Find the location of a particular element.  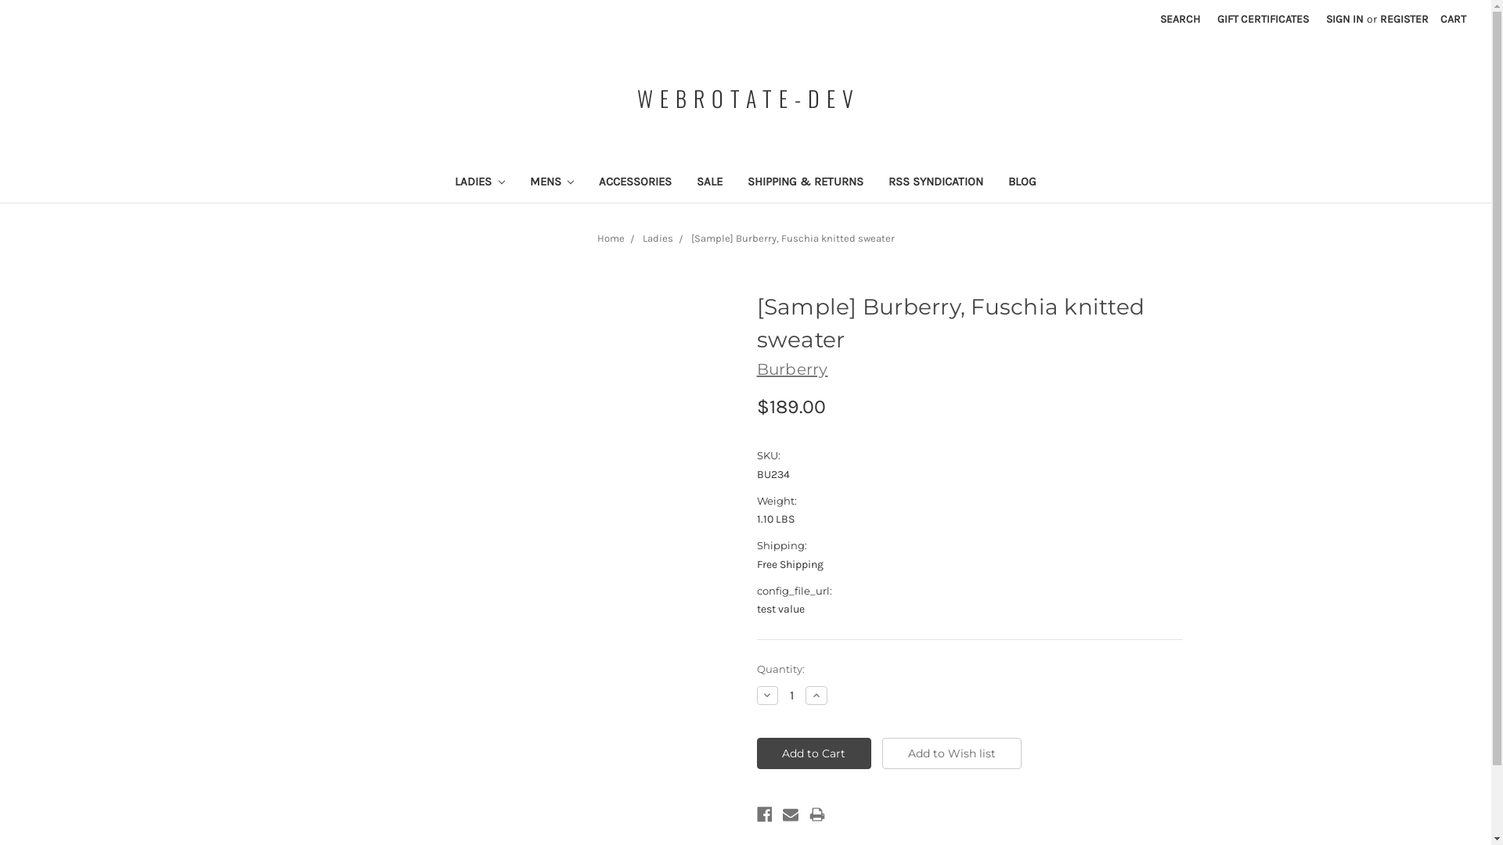

'Add to Cart' is located at coordinates (813, 753).